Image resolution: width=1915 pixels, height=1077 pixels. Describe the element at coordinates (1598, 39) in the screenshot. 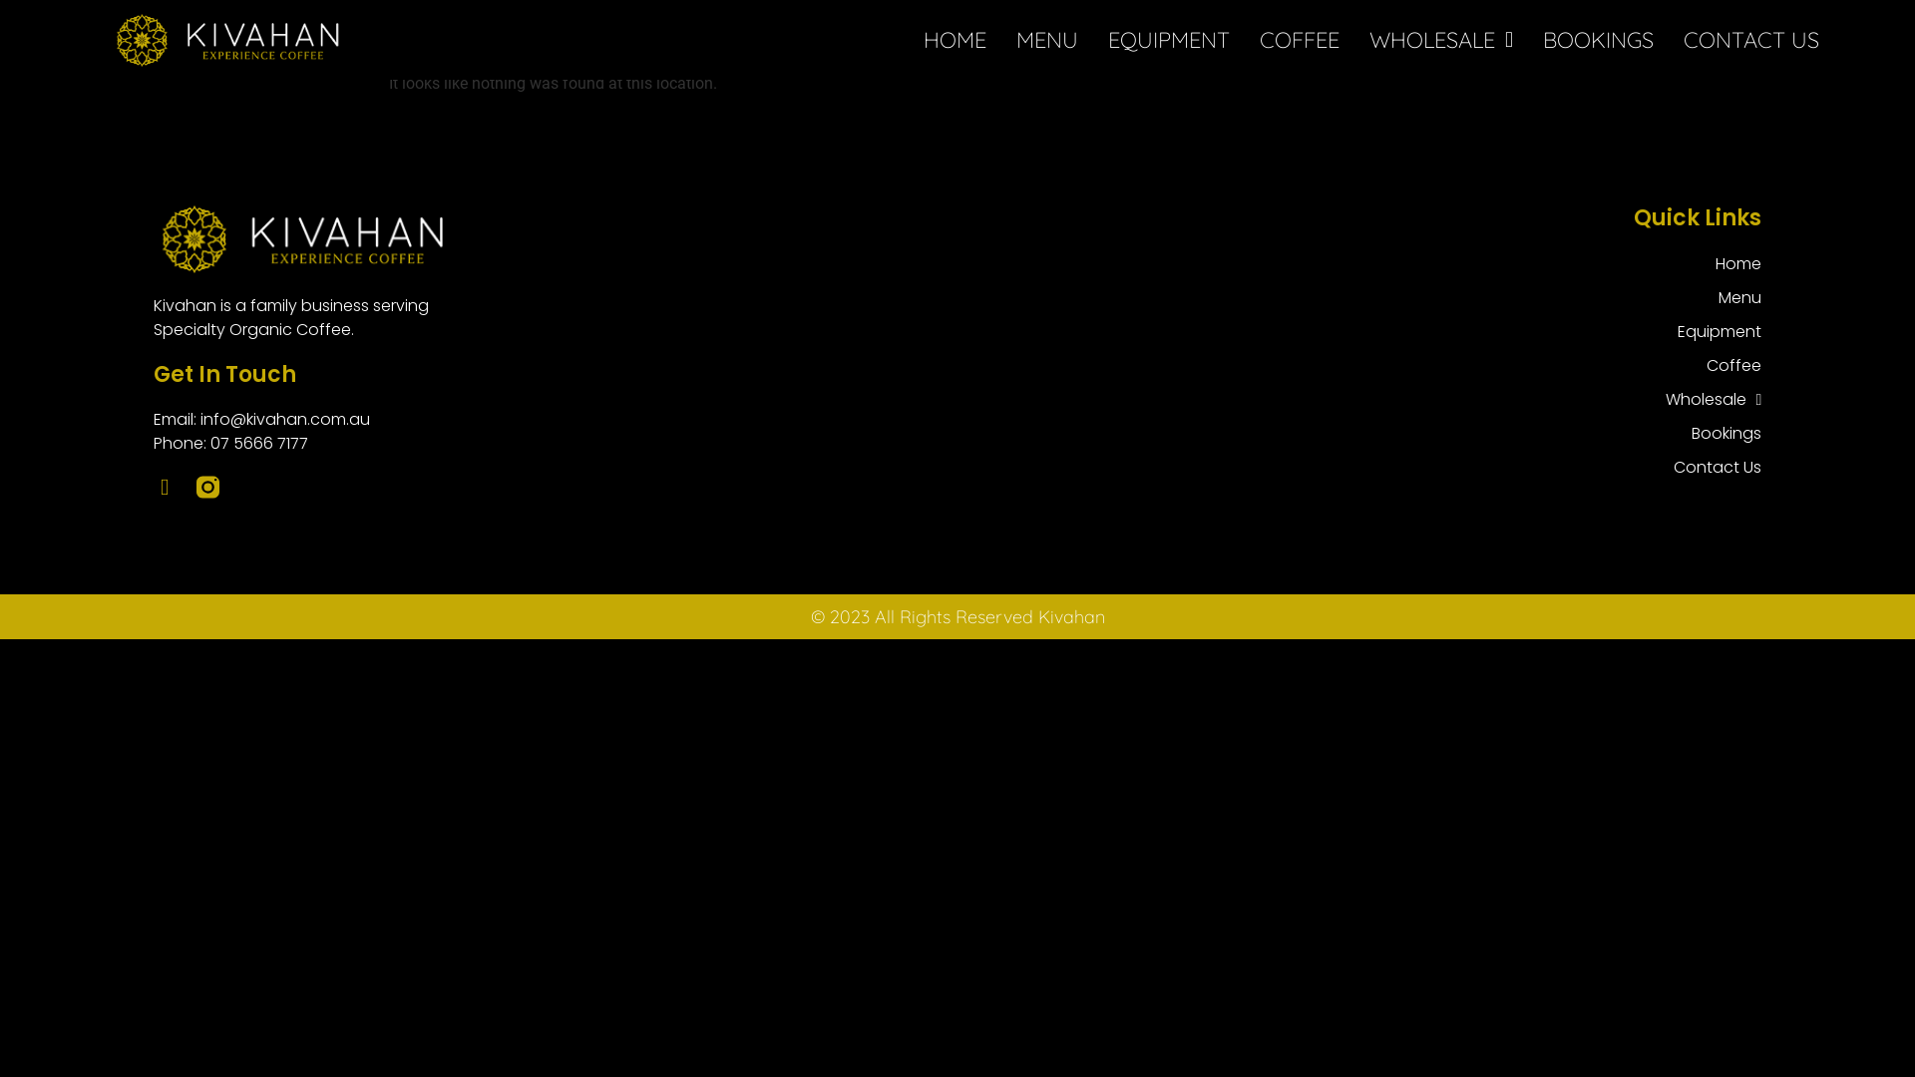

I see `'BOOKINGS'` at that location.